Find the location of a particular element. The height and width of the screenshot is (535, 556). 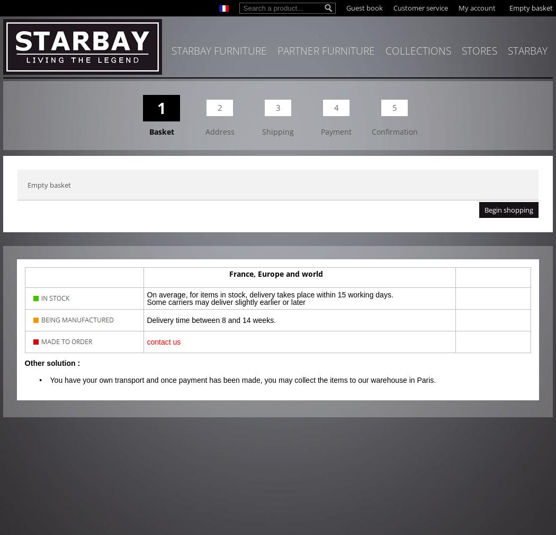

'Poufs' is located at coordinates (24, 106).